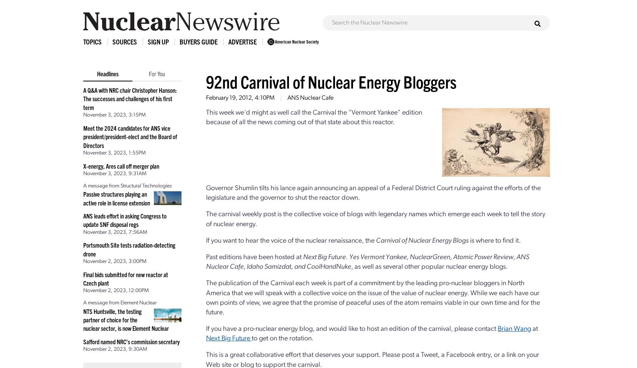 This screenshot has width=637, height=368. What do you see at coordinates (83, 249) in the screenshot?
I see `'Portsmouth Site tests radiation-detecting drone'` at bounding box center [83, 249].